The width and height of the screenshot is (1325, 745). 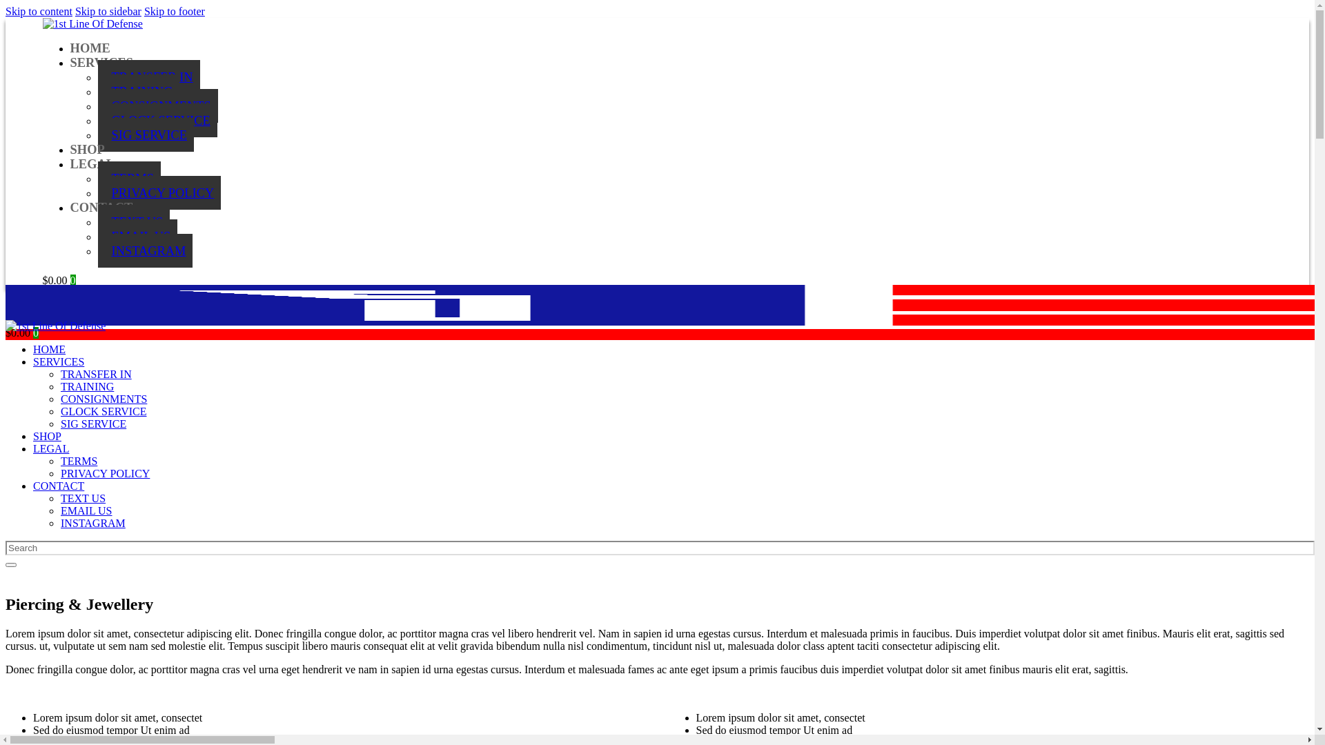 What do you see at coordinates (33, 436) in the screenshot?
I see `'SHOP'` at bounding box center [33, 436].